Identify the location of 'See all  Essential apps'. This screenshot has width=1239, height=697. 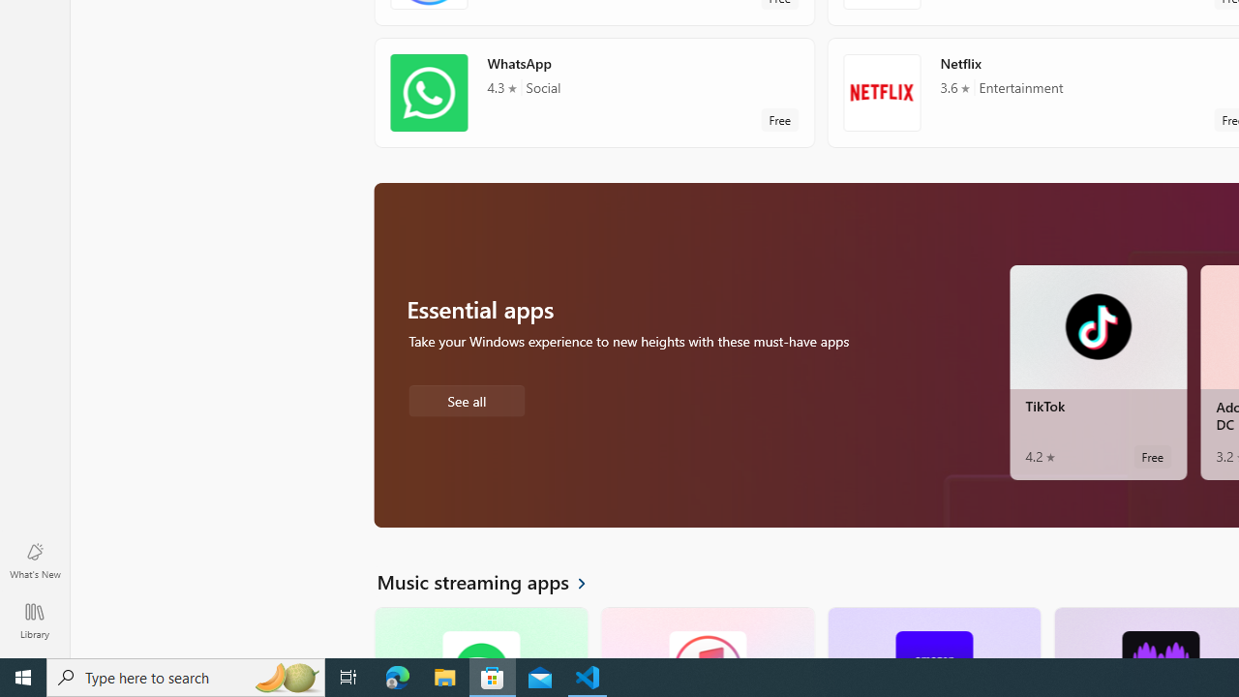
(466, 398).